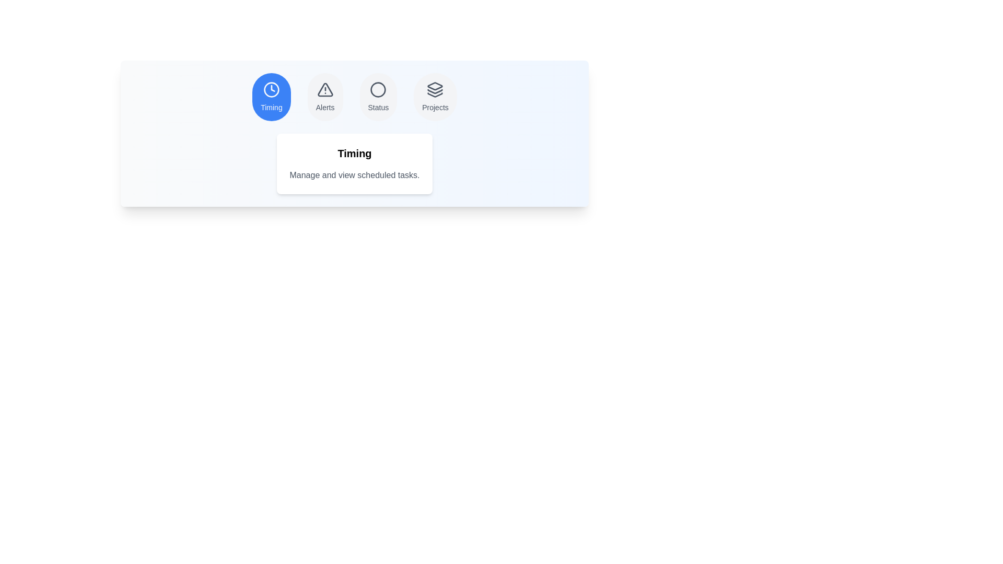 The image size is (1003, 564). I want to click on the tab labeled Timing, so click(271, 97).